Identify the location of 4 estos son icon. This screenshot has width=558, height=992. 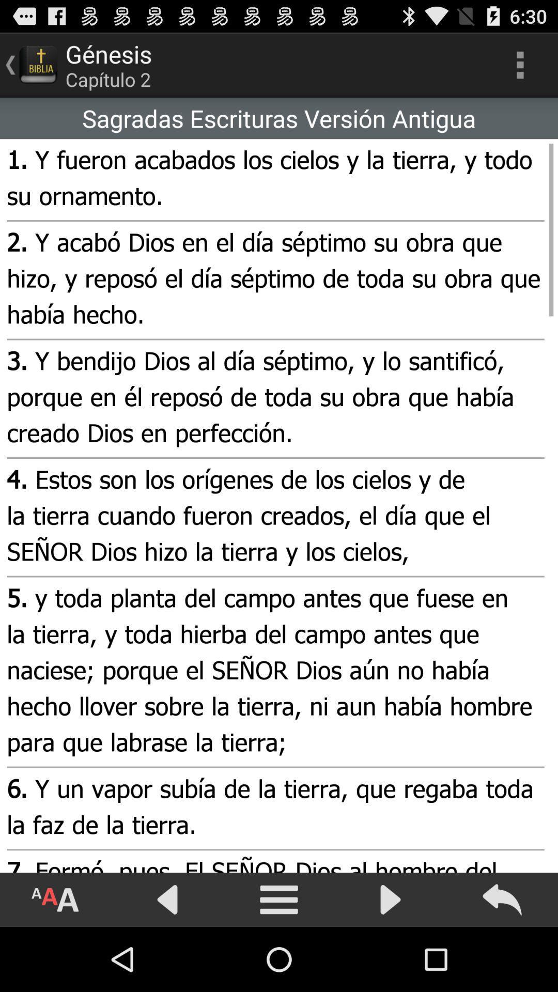
(274, 517).